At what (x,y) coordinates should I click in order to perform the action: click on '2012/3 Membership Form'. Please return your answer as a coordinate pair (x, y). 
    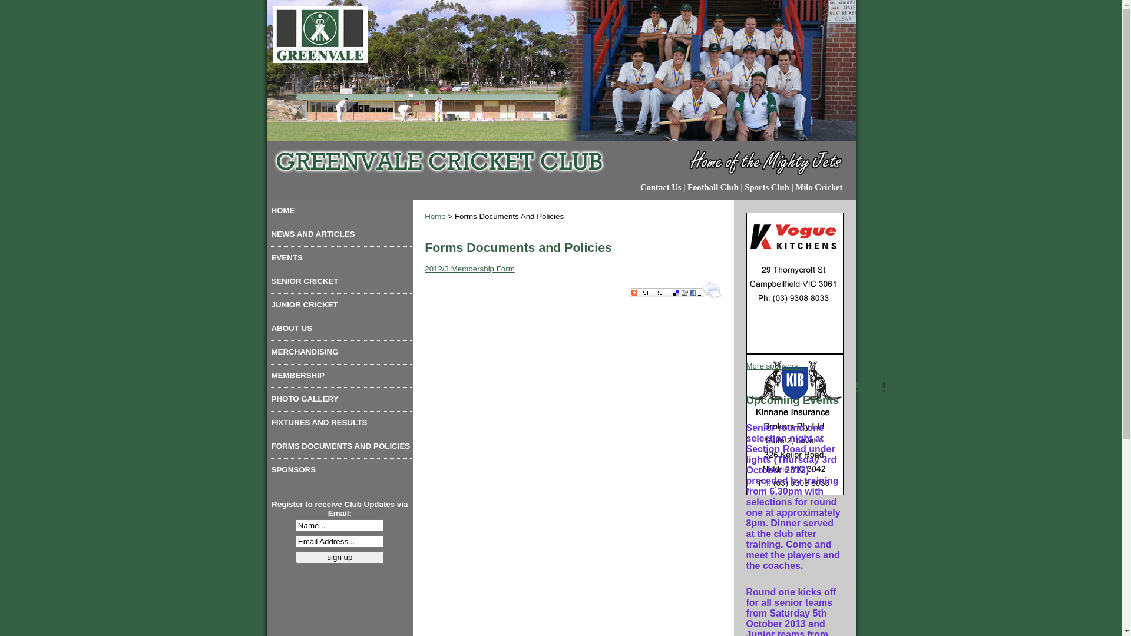
    Looking at the image, I should click on (469, 269).